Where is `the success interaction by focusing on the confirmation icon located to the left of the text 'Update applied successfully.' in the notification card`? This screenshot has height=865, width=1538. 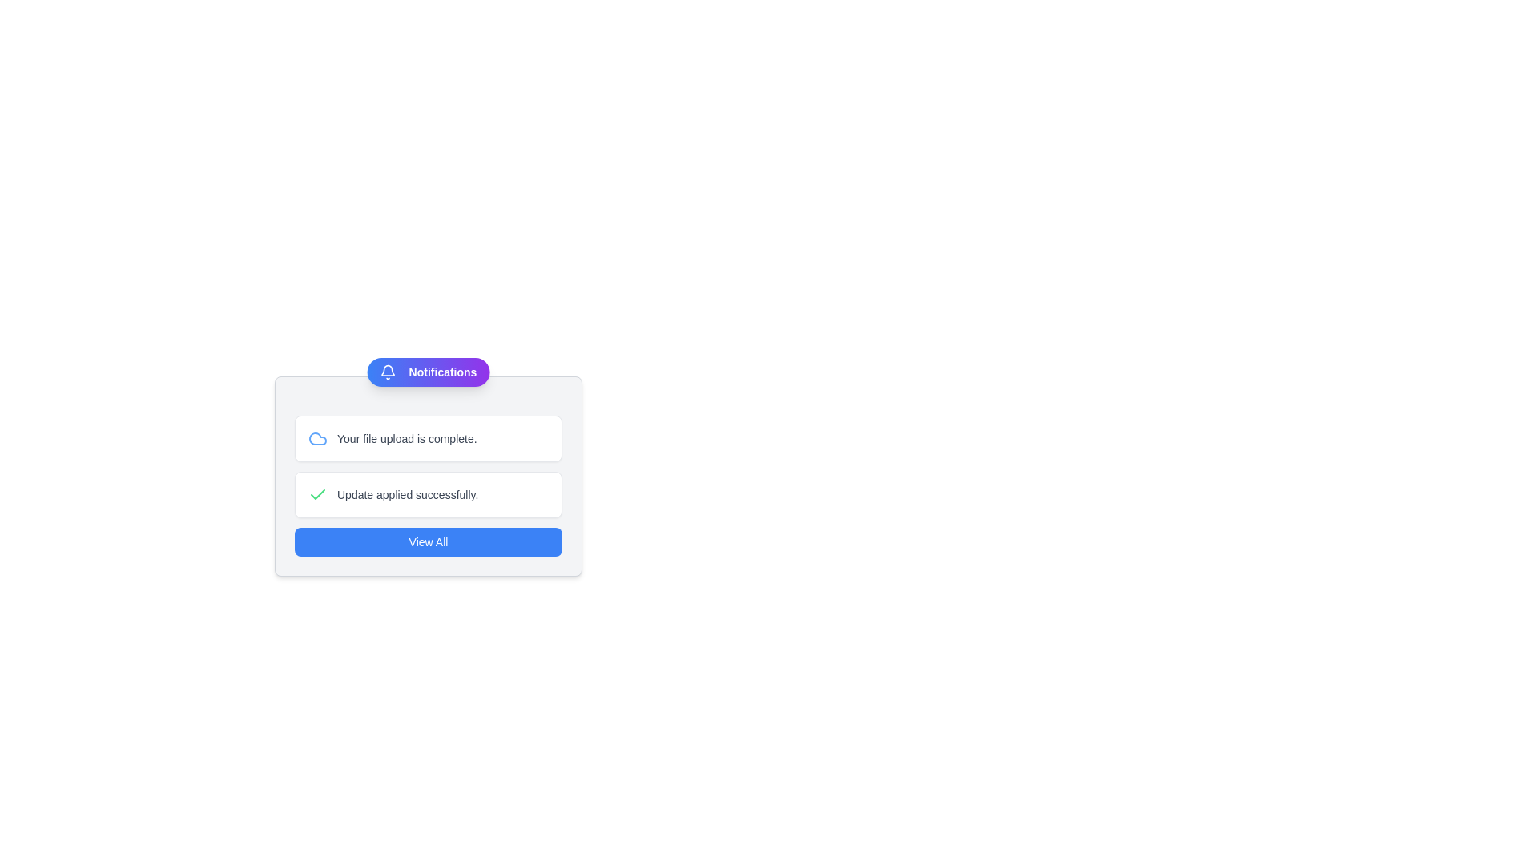 the success interaction by focusing on the confirmation icon located to the left of the text 'Update applied successfully.' in the notification card is located at coordinates (318, 493).